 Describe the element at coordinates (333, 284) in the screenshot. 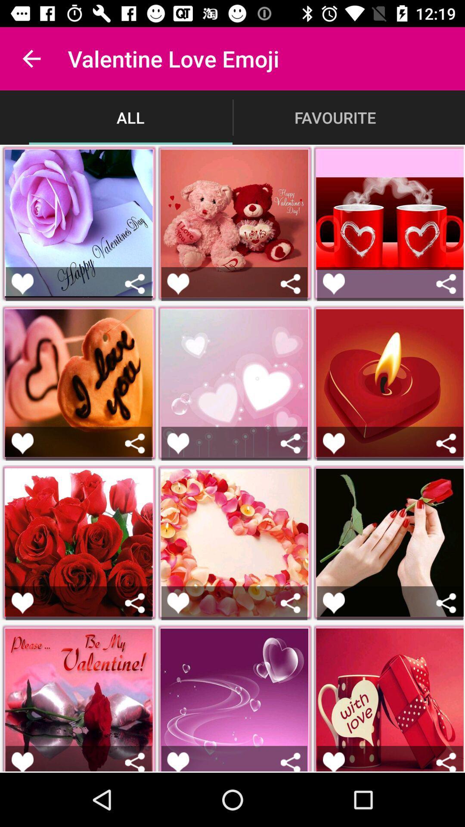

I see `to favorites` at that location.